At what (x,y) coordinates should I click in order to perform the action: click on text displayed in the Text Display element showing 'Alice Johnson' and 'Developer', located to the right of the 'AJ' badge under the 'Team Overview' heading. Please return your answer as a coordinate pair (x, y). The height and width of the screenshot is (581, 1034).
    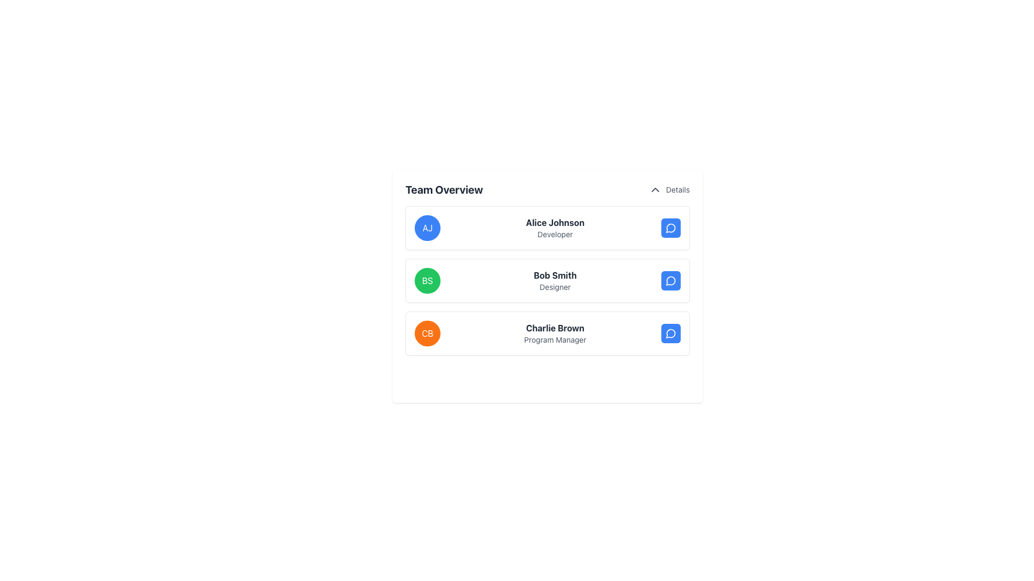
    Looking at the image, I should click on (555, 228).